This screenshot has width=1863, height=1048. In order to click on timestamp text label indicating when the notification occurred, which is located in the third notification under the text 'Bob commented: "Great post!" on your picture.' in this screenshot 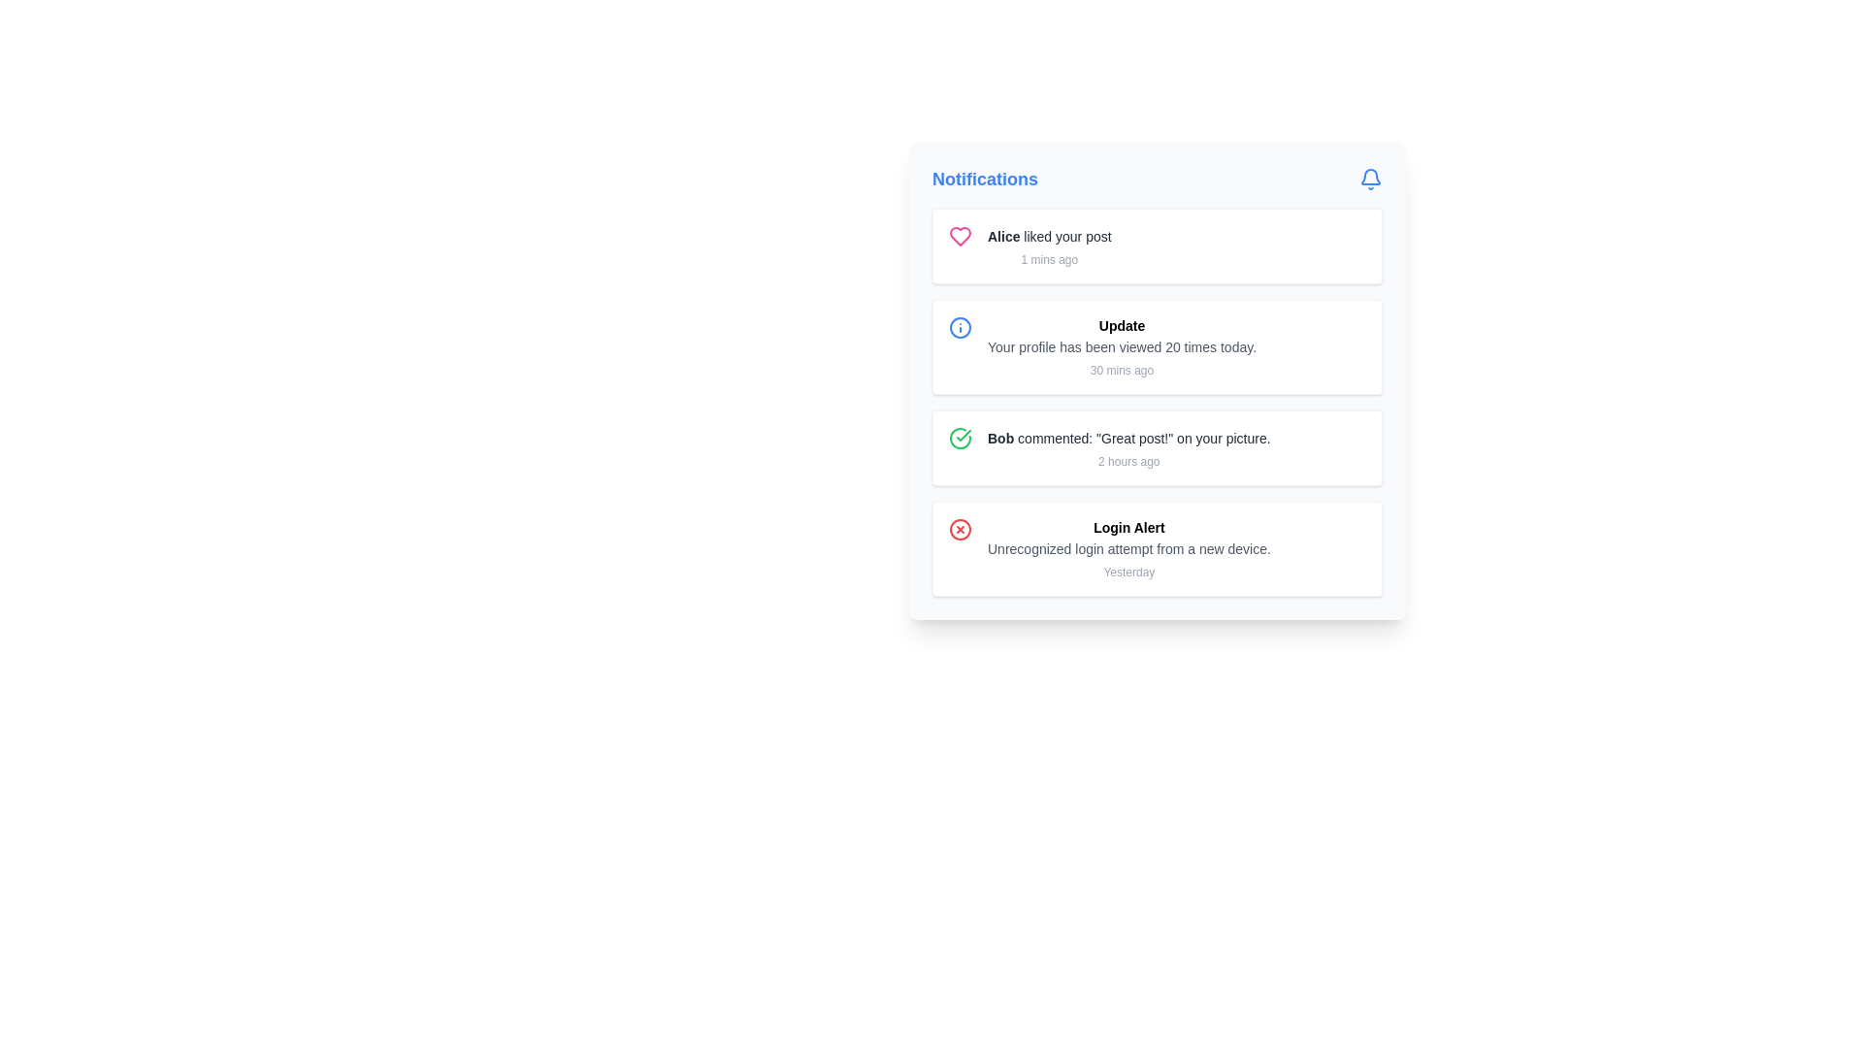, I will do `click(1128, 461)`.